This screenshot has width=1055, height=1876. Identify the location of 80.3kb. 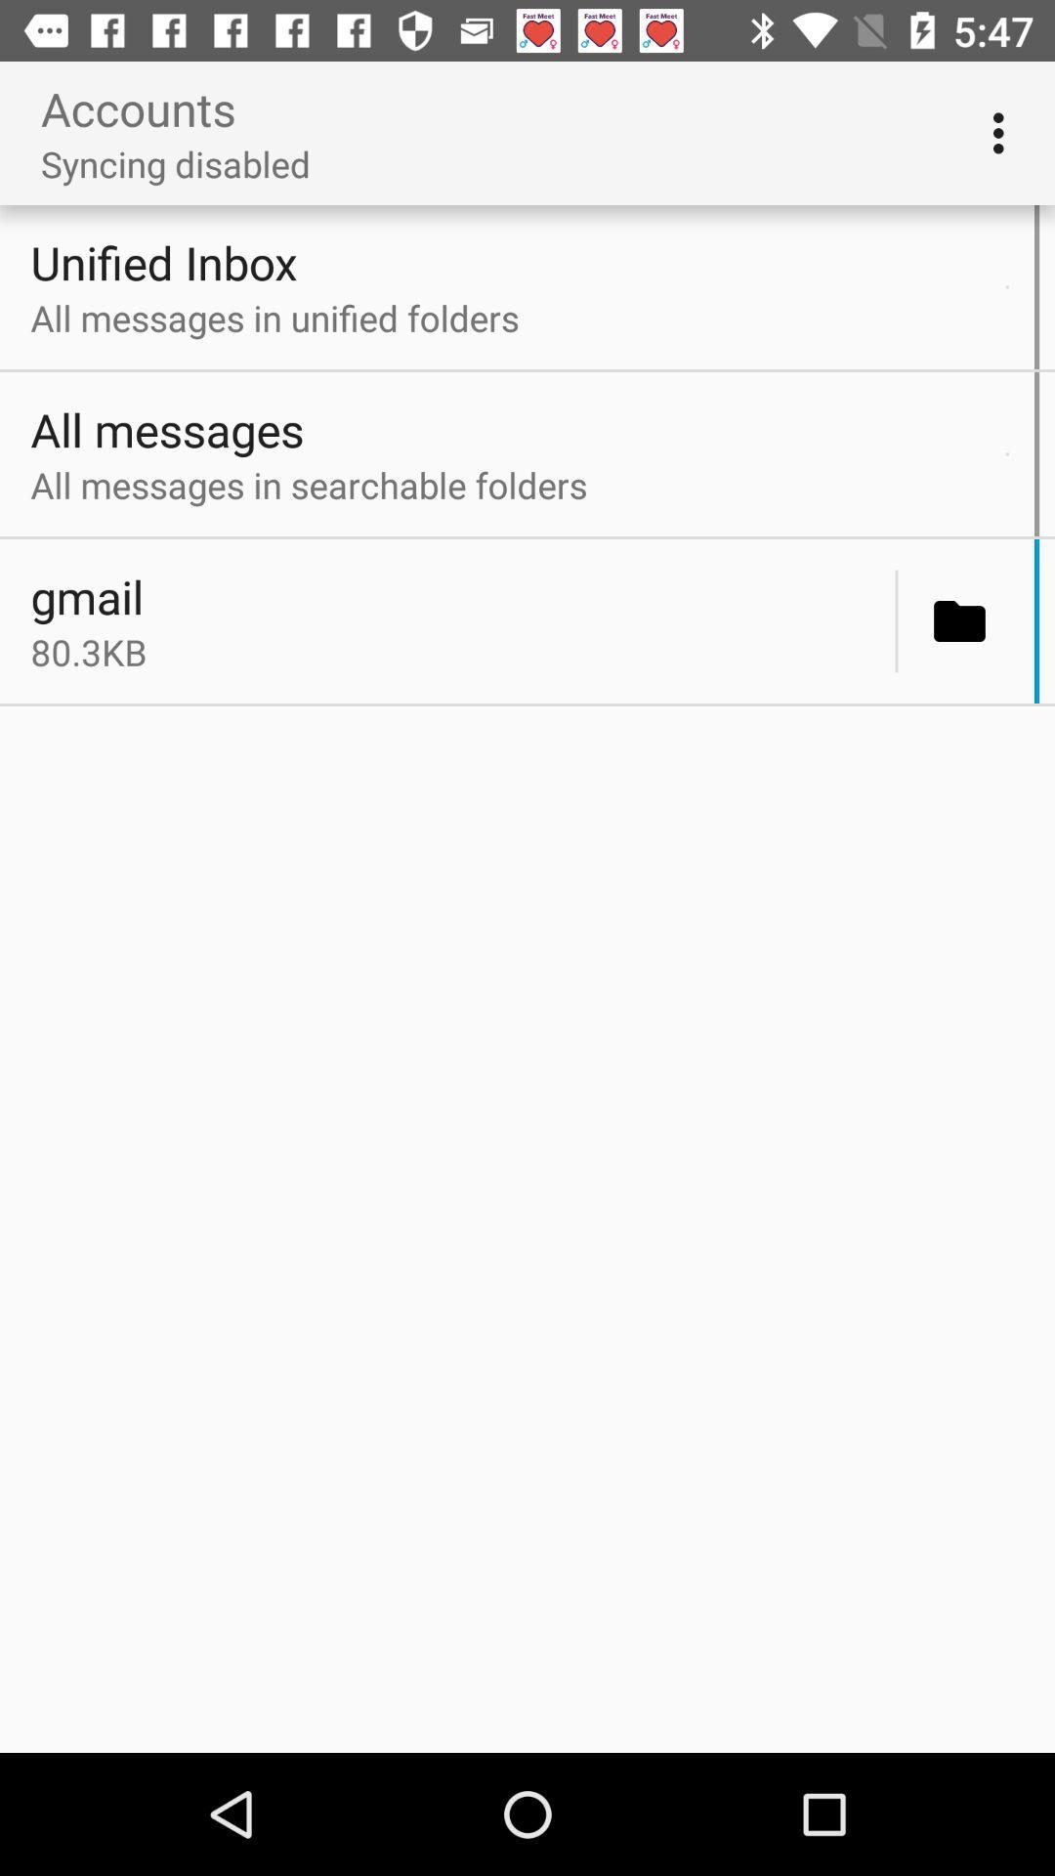
(457, 652).